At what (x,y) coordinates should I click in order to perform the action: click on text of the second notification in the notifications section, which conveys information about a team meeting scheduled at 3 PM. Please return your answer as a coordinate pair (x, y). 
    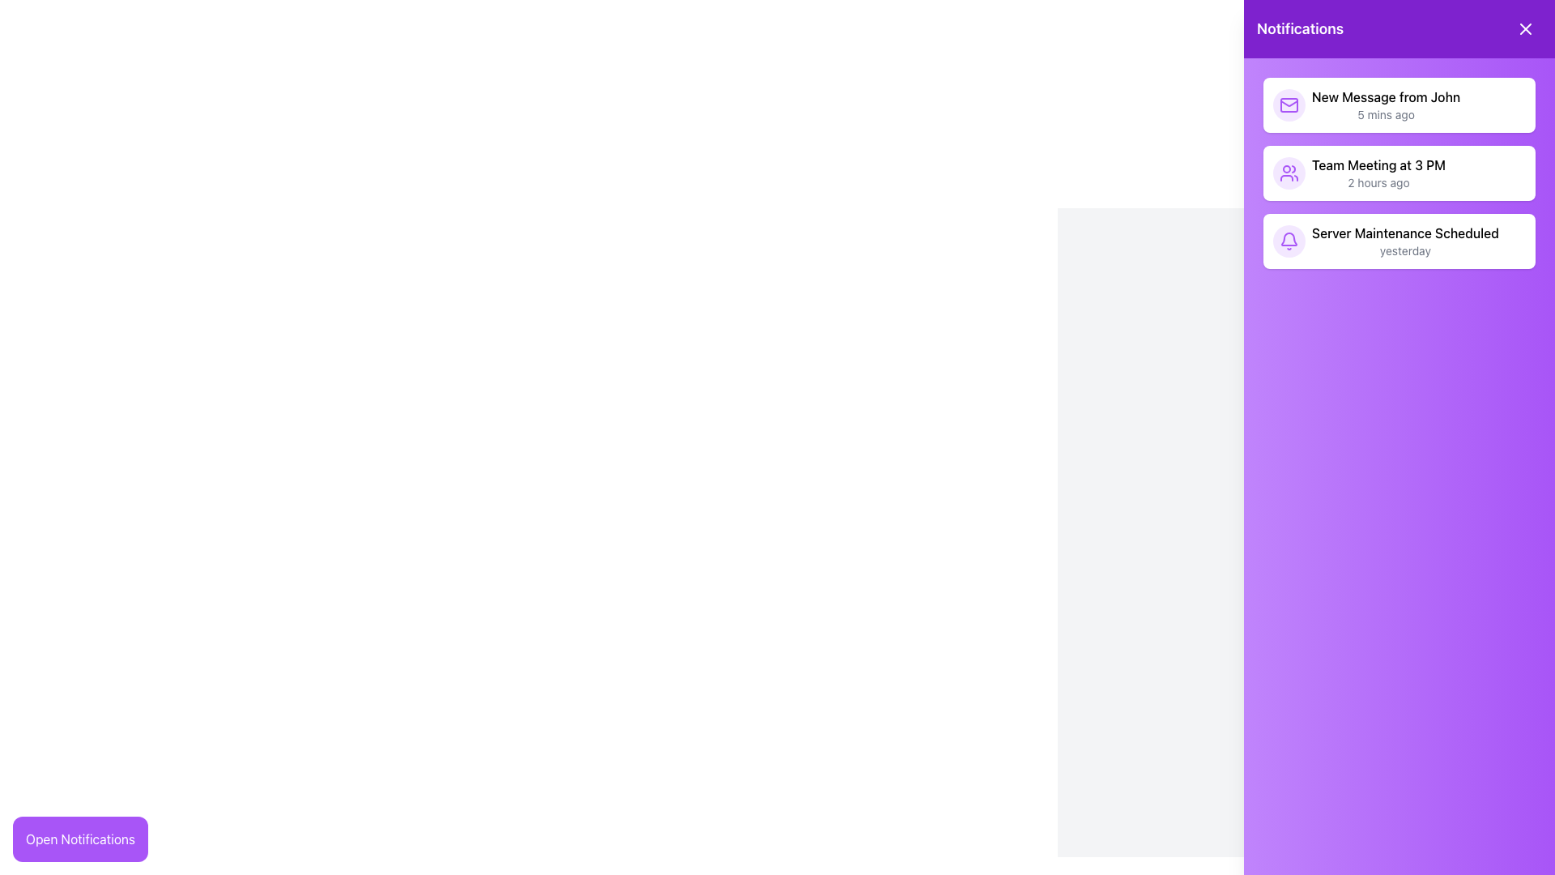
    Looking at the image, I should click on (1378, 173).